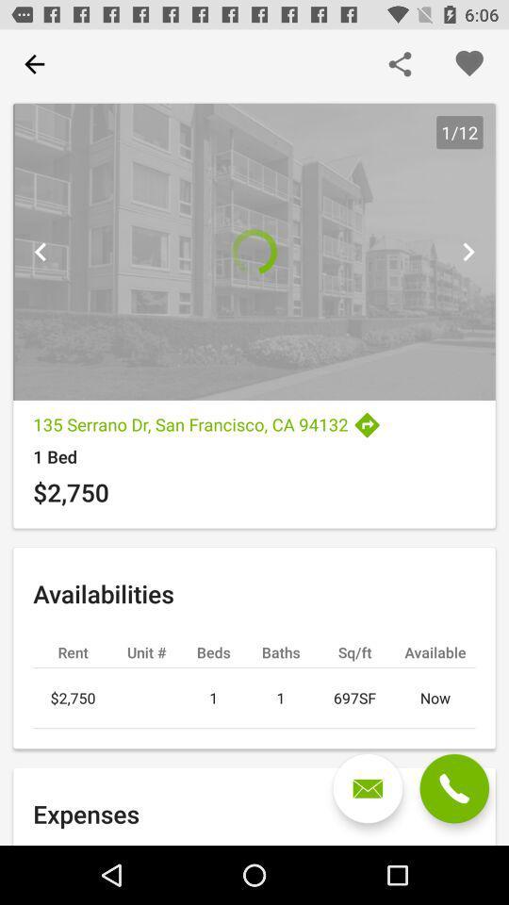 The width and height of the screenshot is (509, 905). I want to click on share button, so click(399, 64).